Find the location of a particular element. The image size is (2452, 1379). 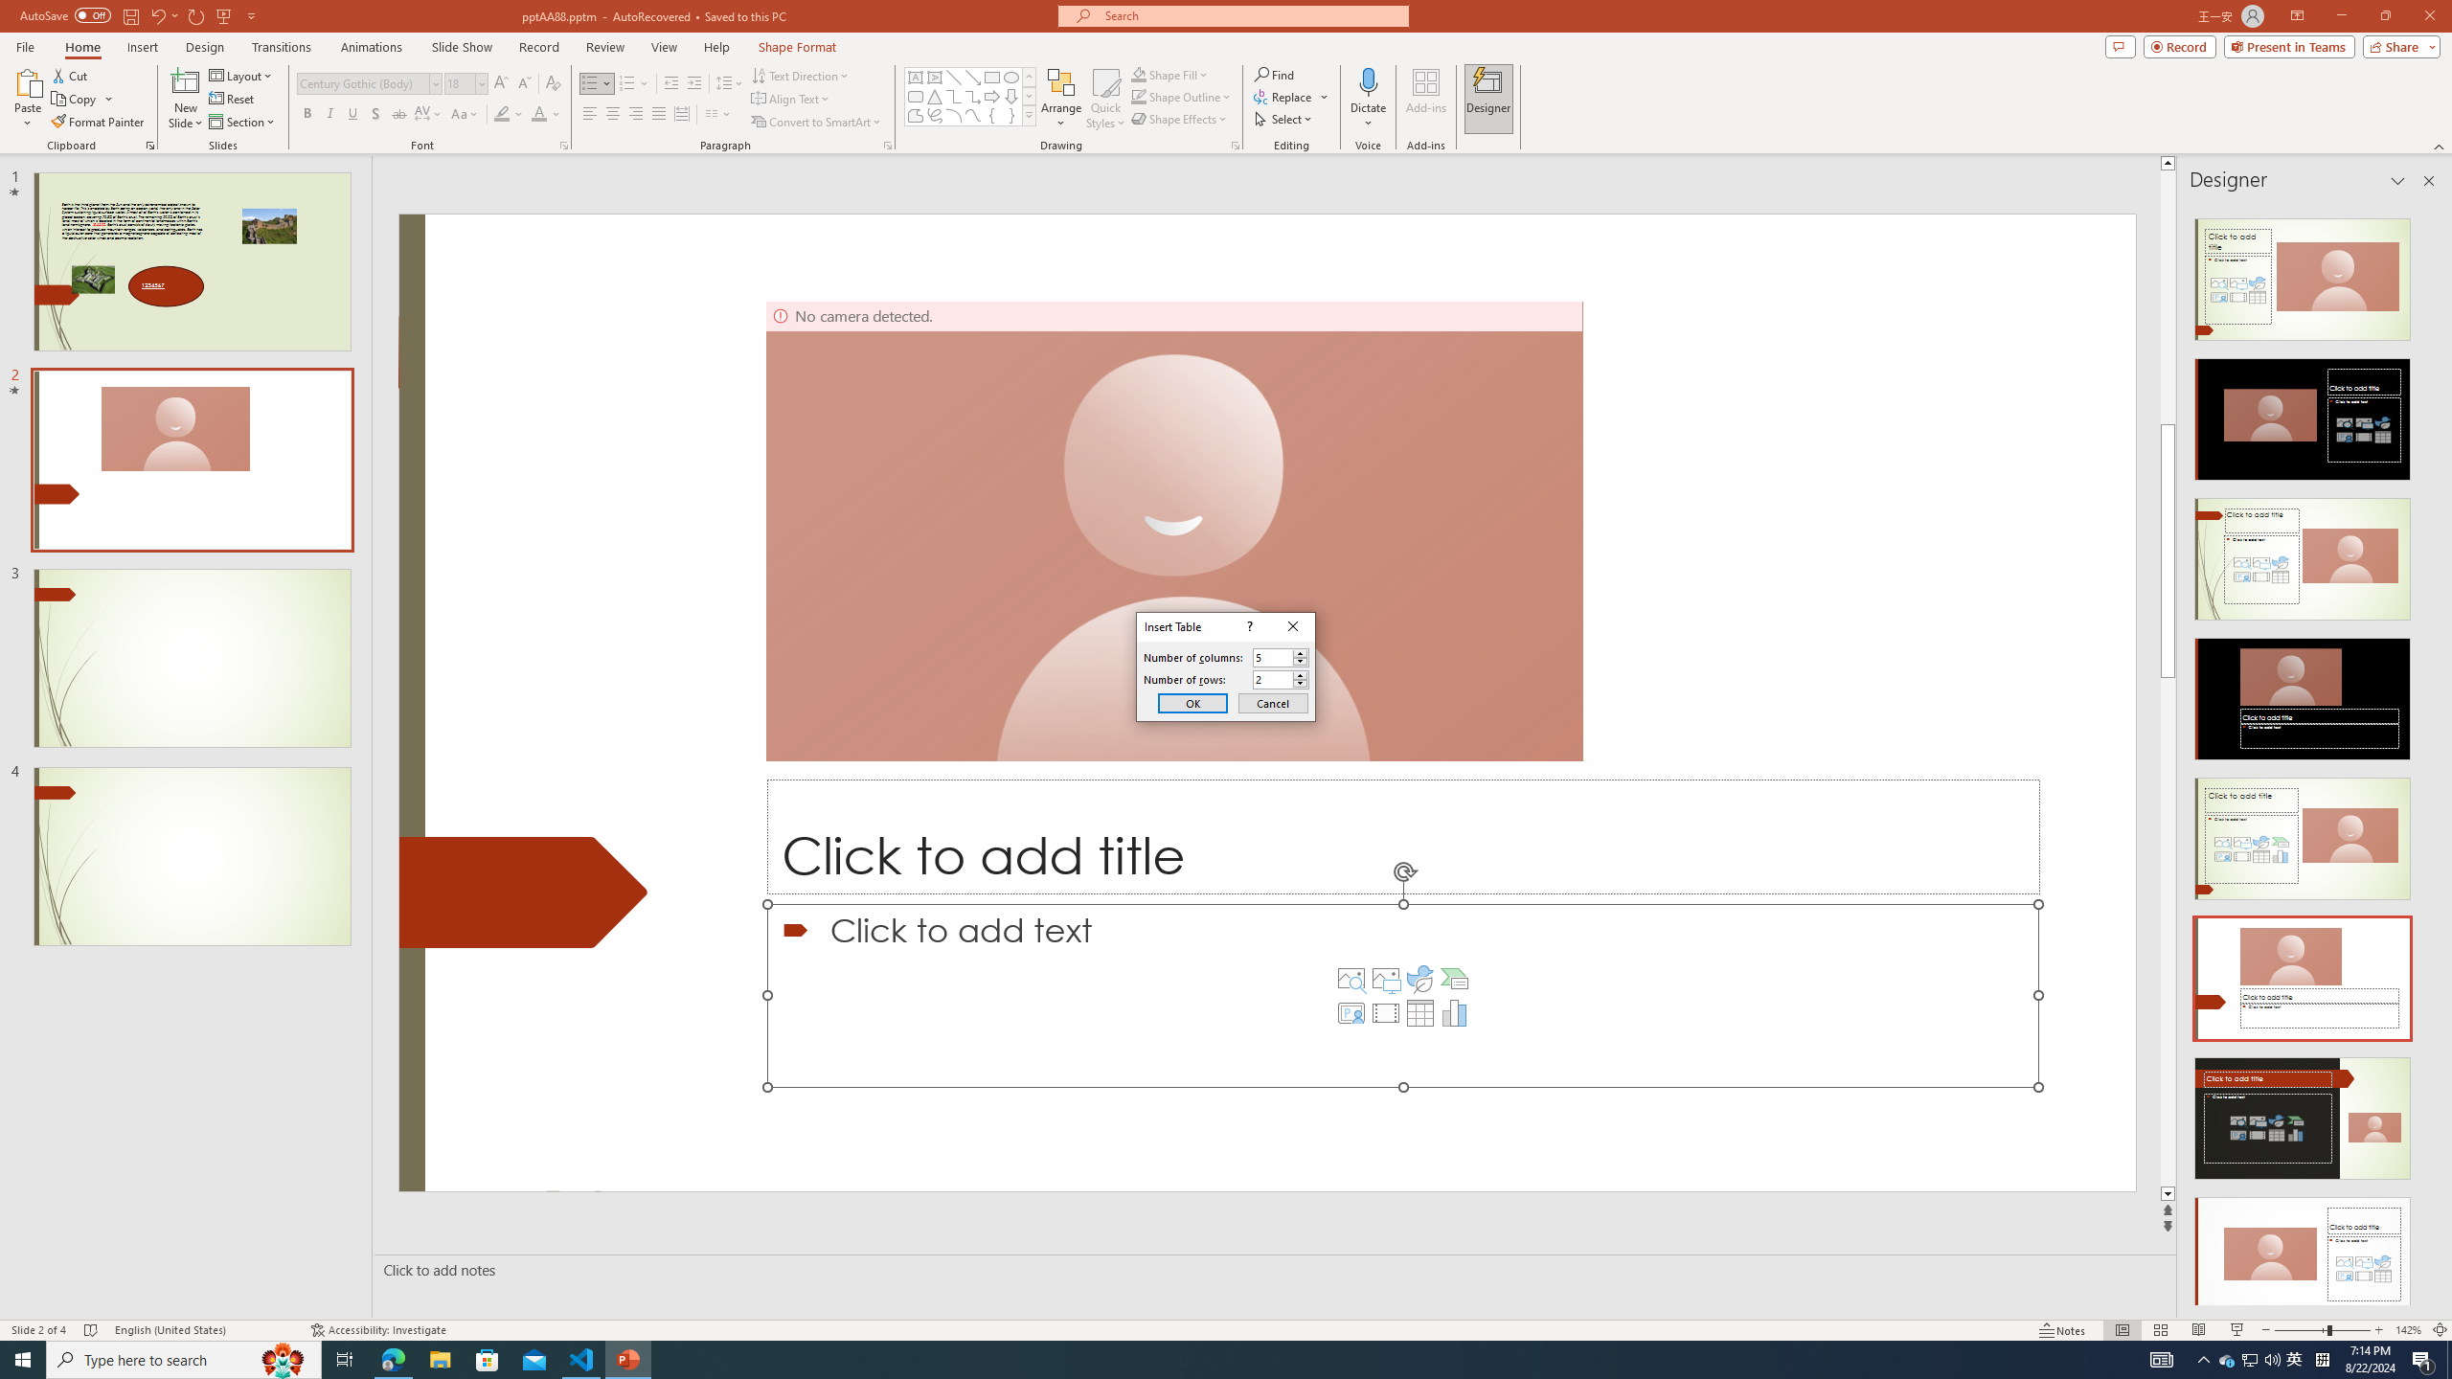

'Number of columns' is located at coordinates (1281, 656).